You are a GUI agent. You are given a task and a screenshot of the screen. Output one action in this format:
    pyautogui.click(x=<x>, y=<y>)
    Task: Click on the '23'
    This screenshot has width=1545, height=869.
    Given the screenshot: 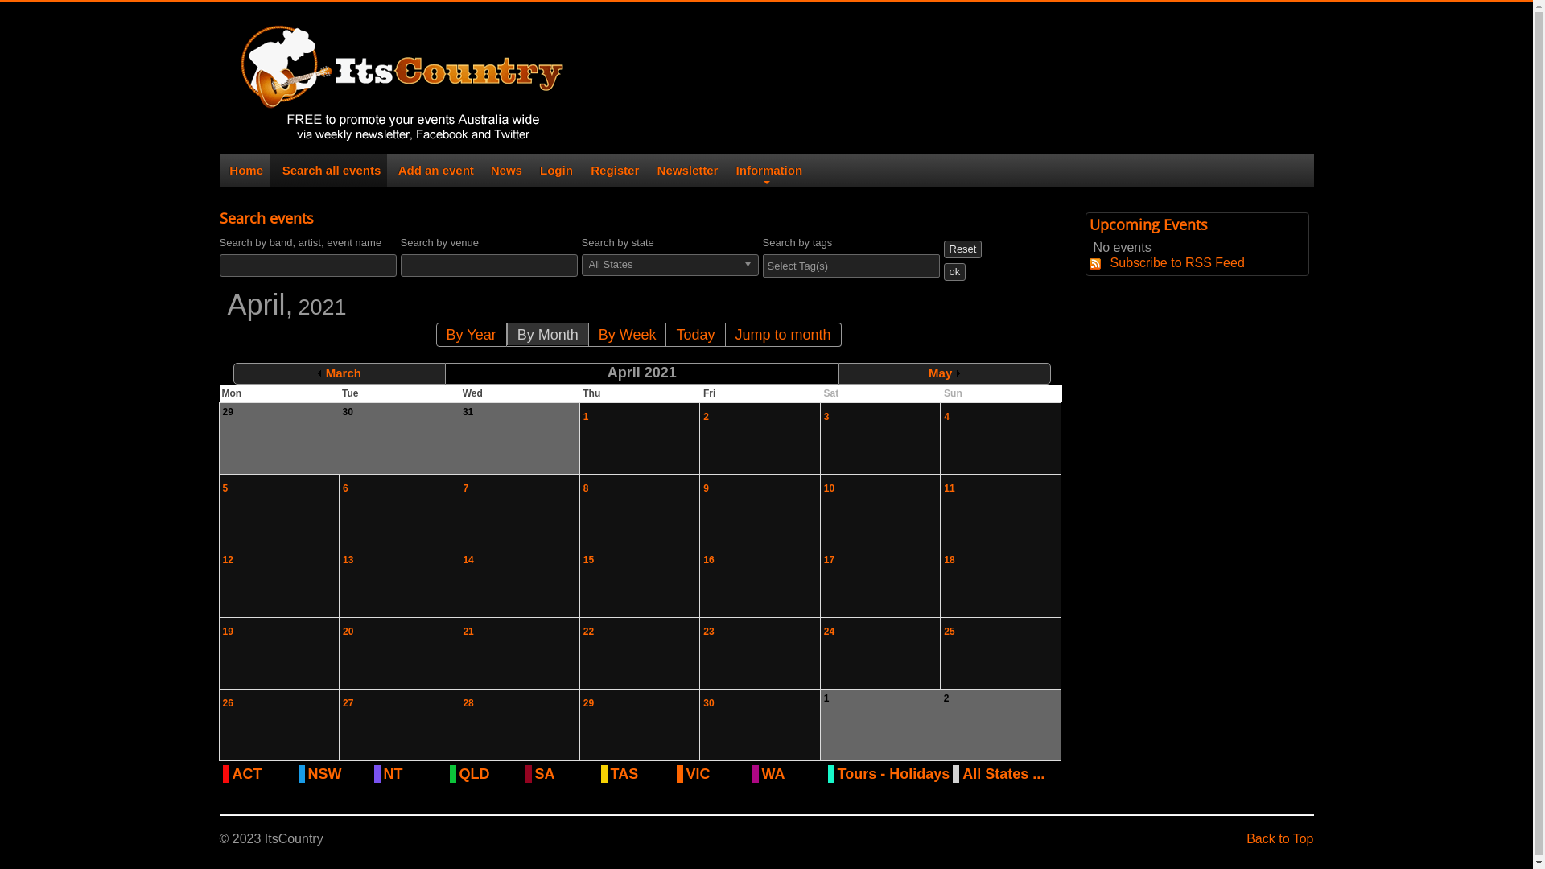 What is the action you would take?
    pyautogui.click(x=702, y=631)
    